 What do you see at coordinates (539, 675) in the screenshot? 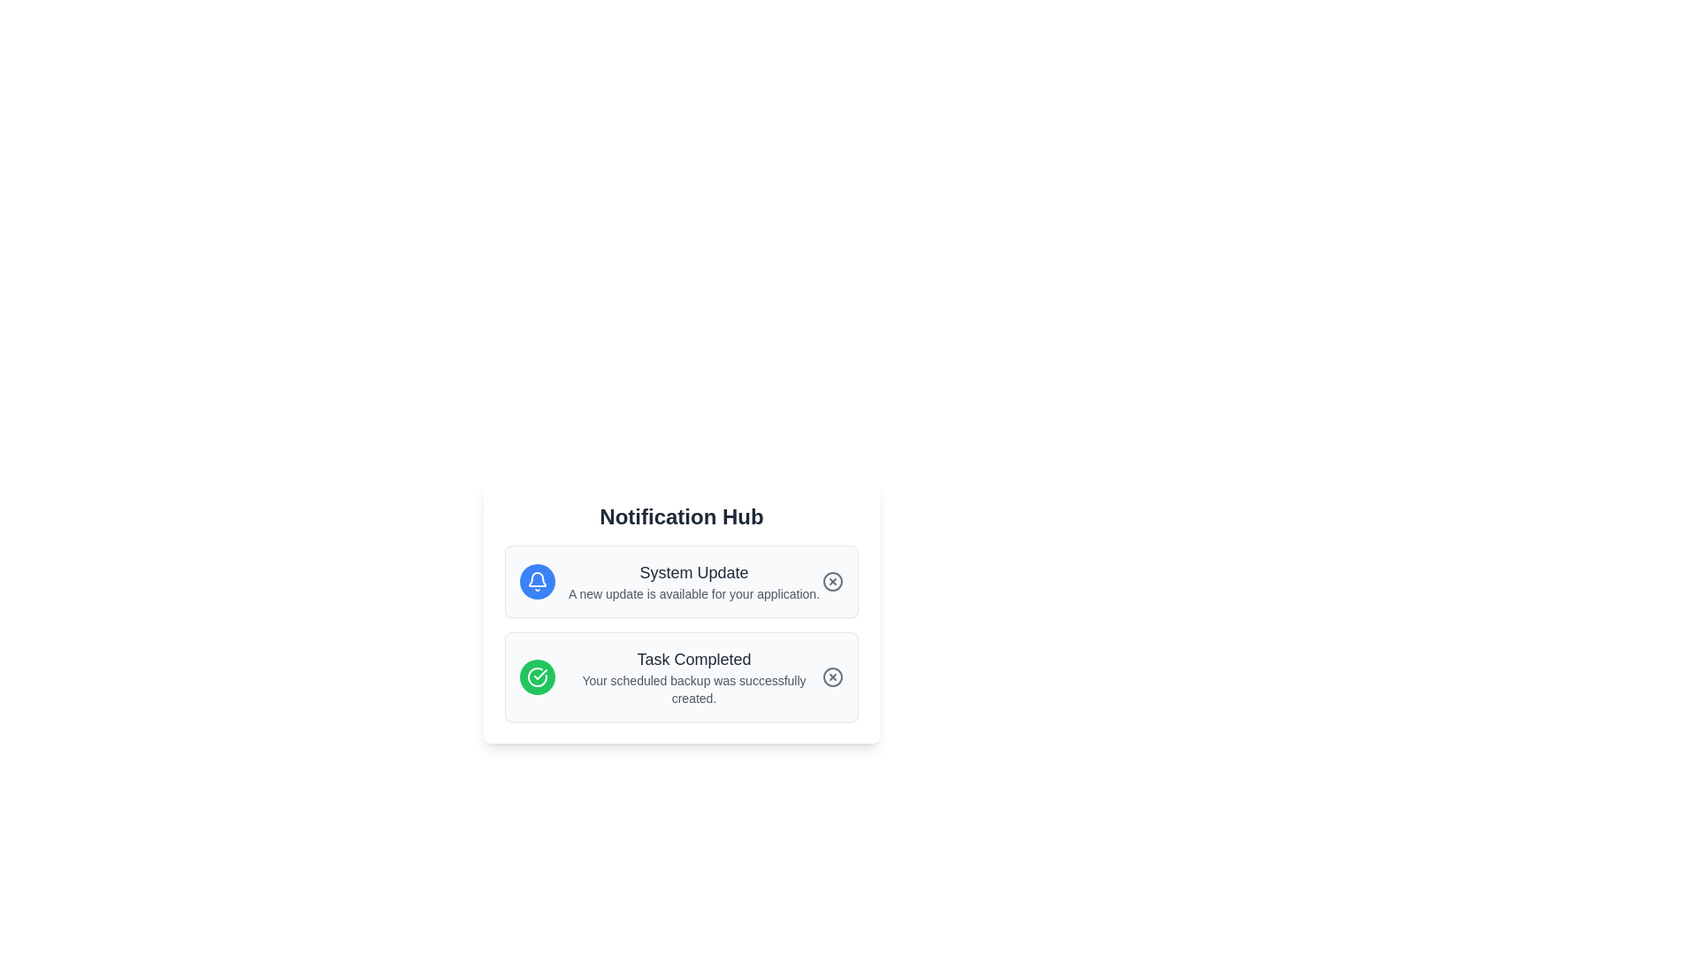
I see `the status icon indicating that the task is completed or confirmed, which is the second notification item in the notification hub panel` at bounding box center [539, 675].